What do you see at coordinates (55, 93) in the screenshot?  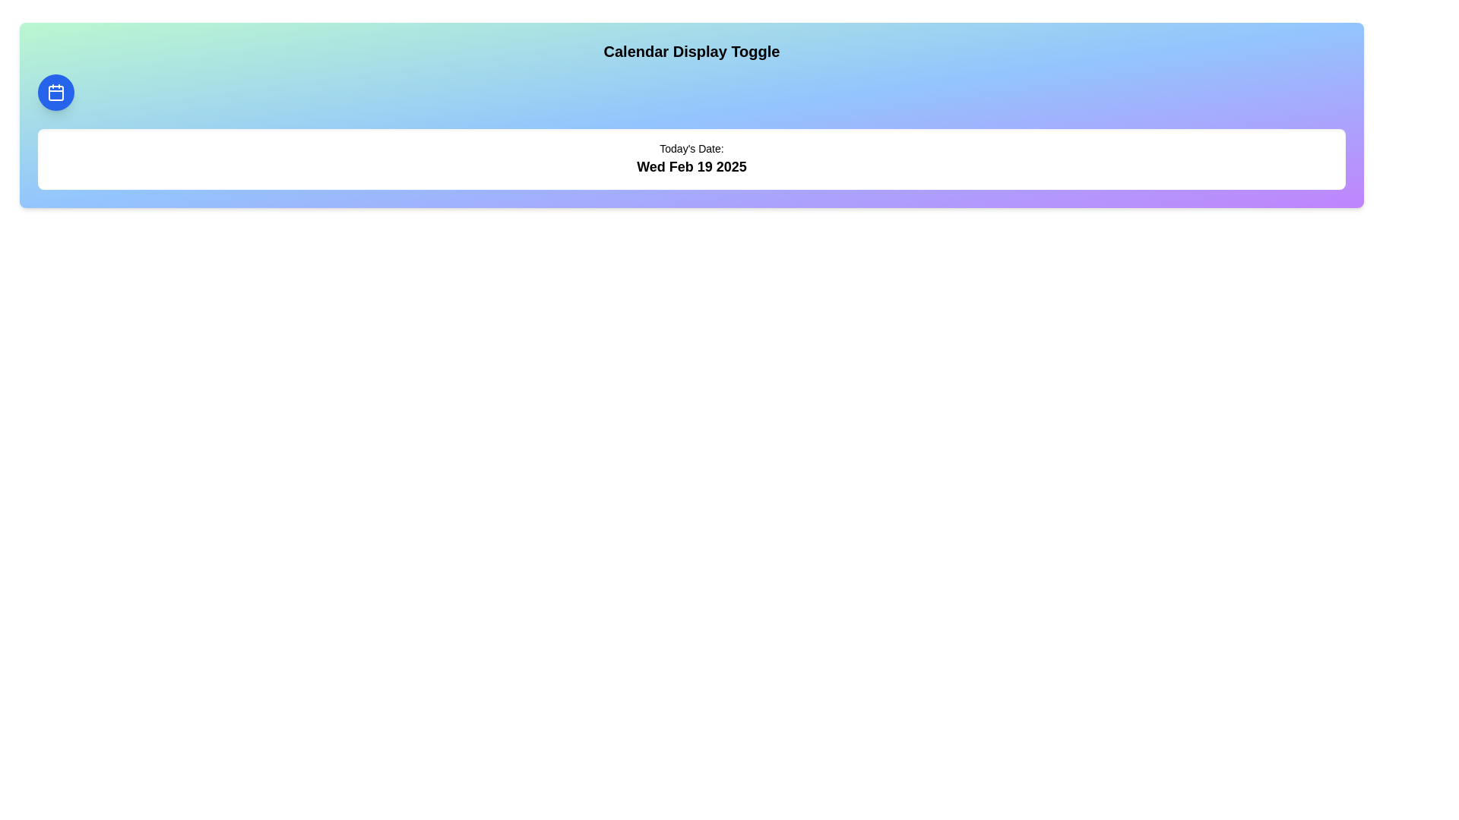 I see `the calendar toggle button to toggle the calendar display` at bounding box center [55, 93].